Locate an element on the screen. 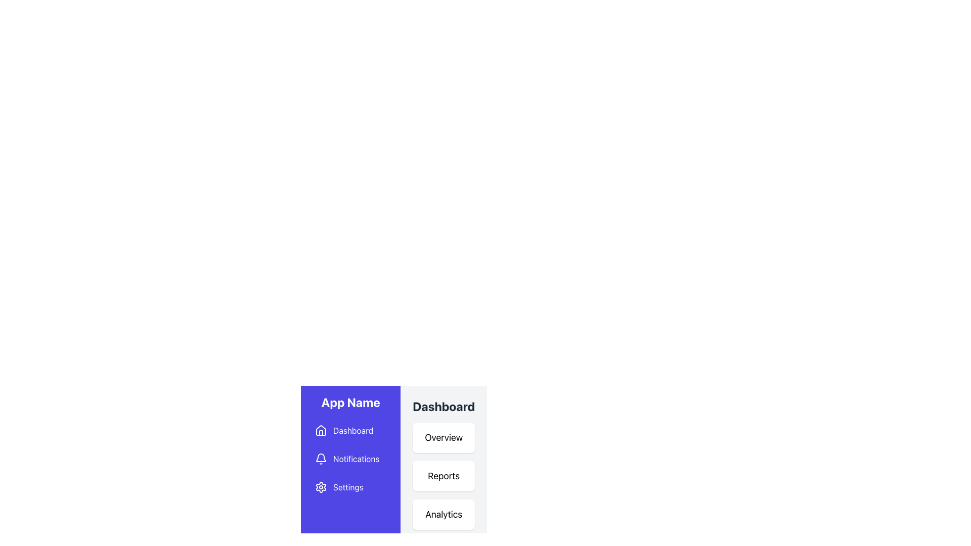  the 'Dashboard' text label in the vertical navigation sidebar, which is located to the left of the interface and follows the house icon is located at coordinates (353, 431).